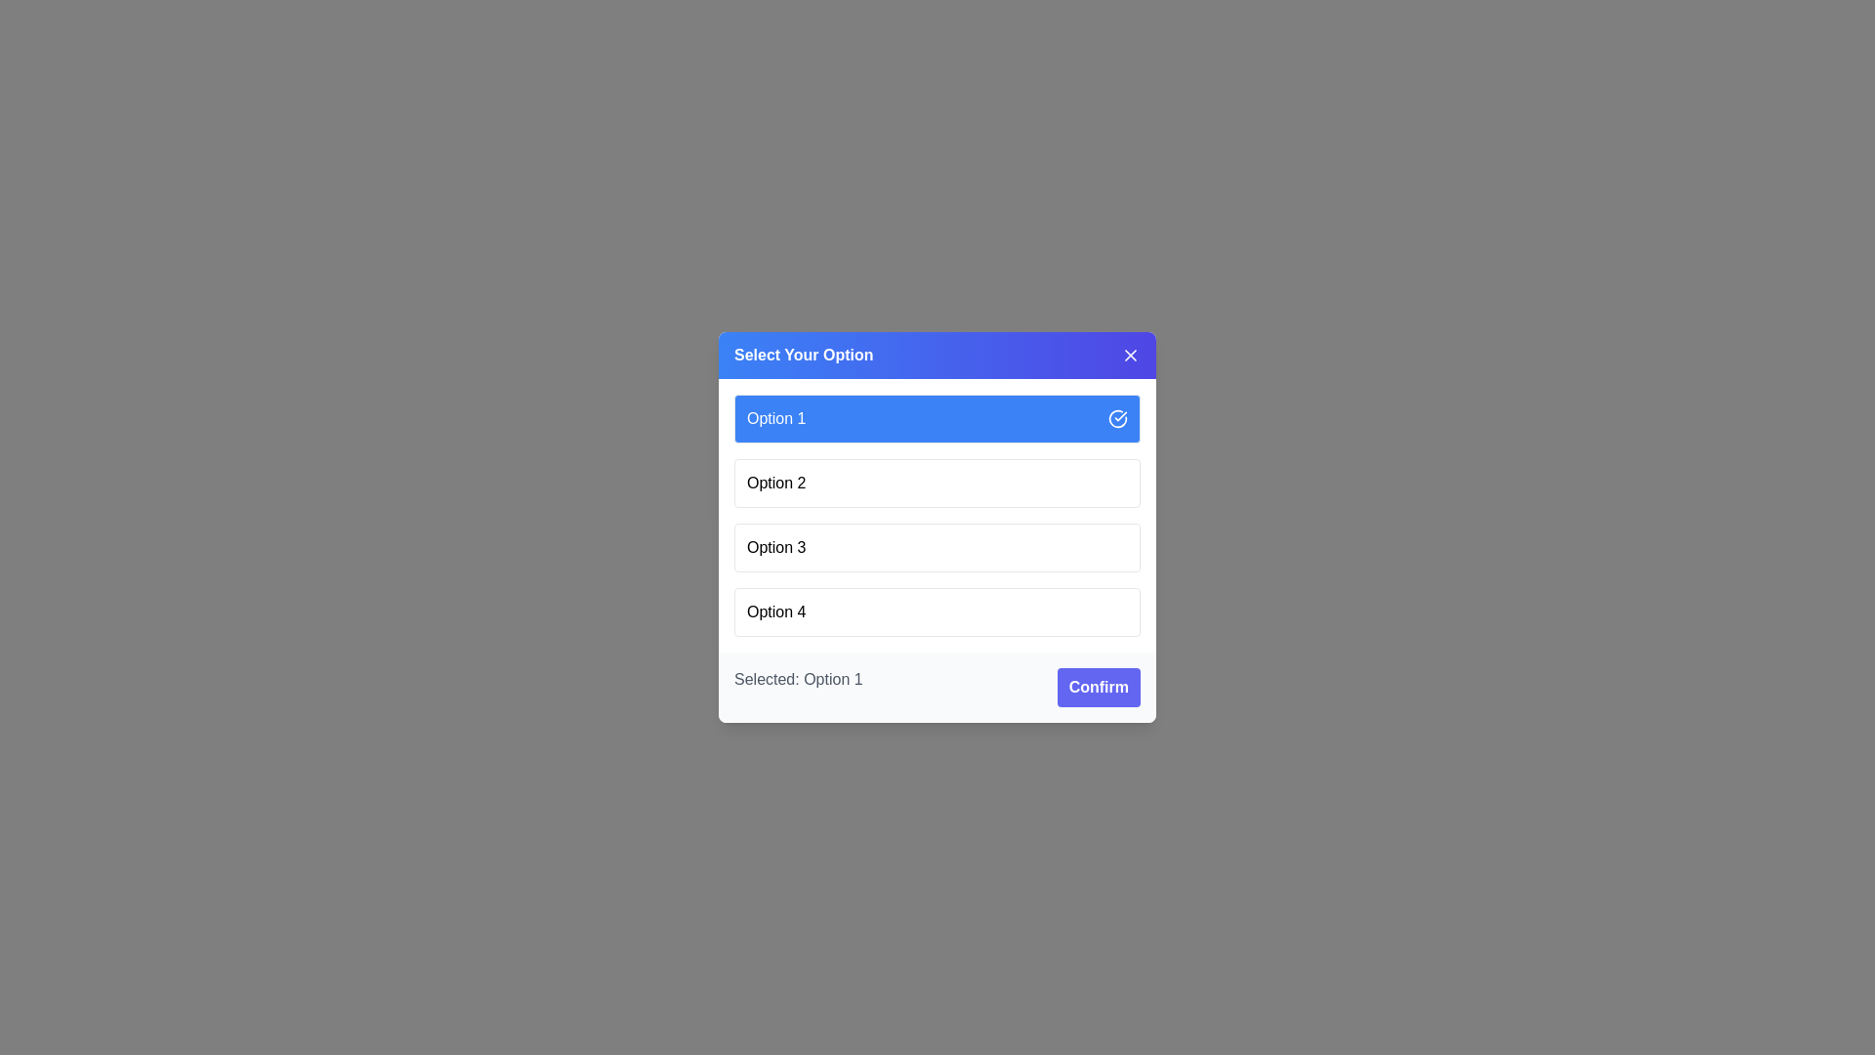 This screenshot has height=1055, width=1875. Describe the element at coordinates (804, 355) in the screenshot. I see `the text label displaying 'Select Your Option' in bold white font` at that location.